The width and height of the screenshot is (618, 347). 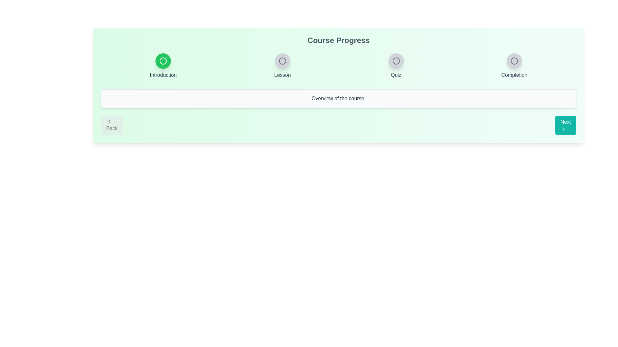 What do you see at coordinates (565, 125) in the screenshot?
I see `'Next' button to go to the next step` at bounding box center [565, 125].